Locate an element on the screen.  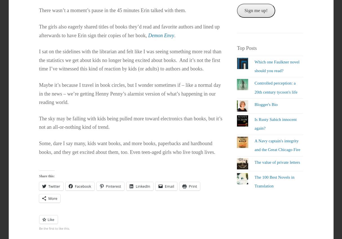
'.' is located at coordinates (174, 35).